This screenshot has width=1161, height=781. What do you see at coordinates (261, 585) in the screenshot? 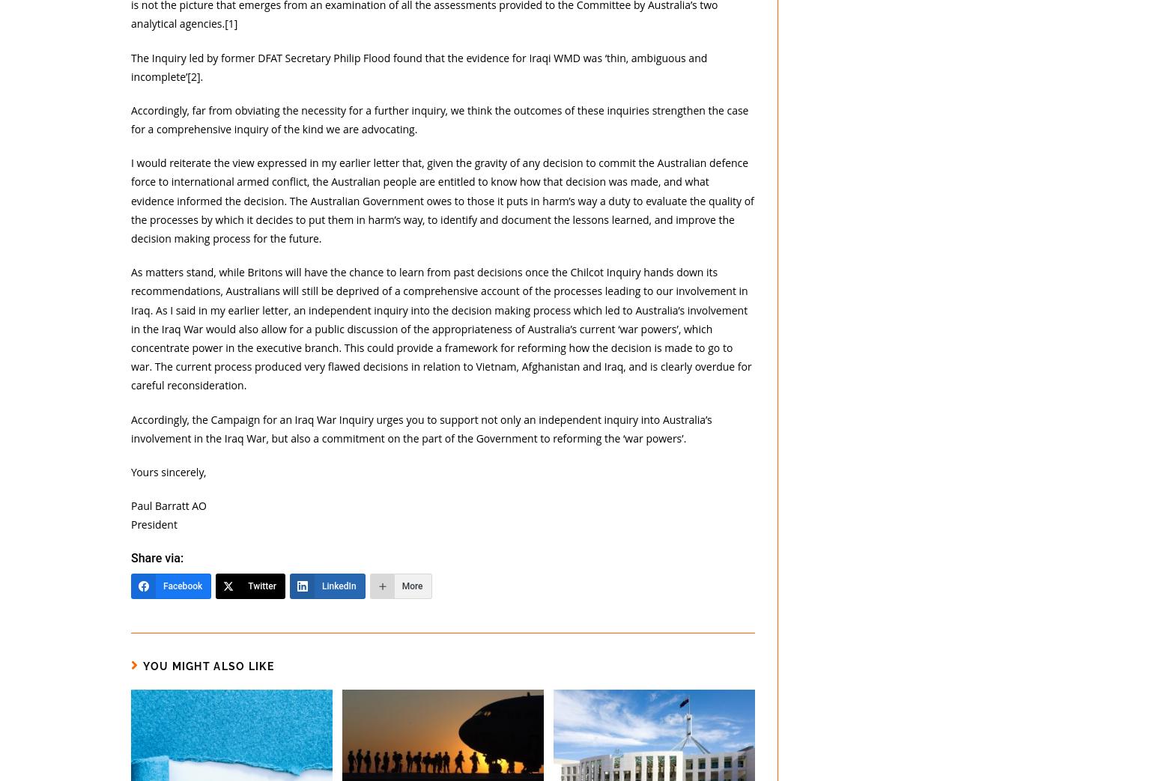
I see `'Twitter'` at bounding box center [261, 585].